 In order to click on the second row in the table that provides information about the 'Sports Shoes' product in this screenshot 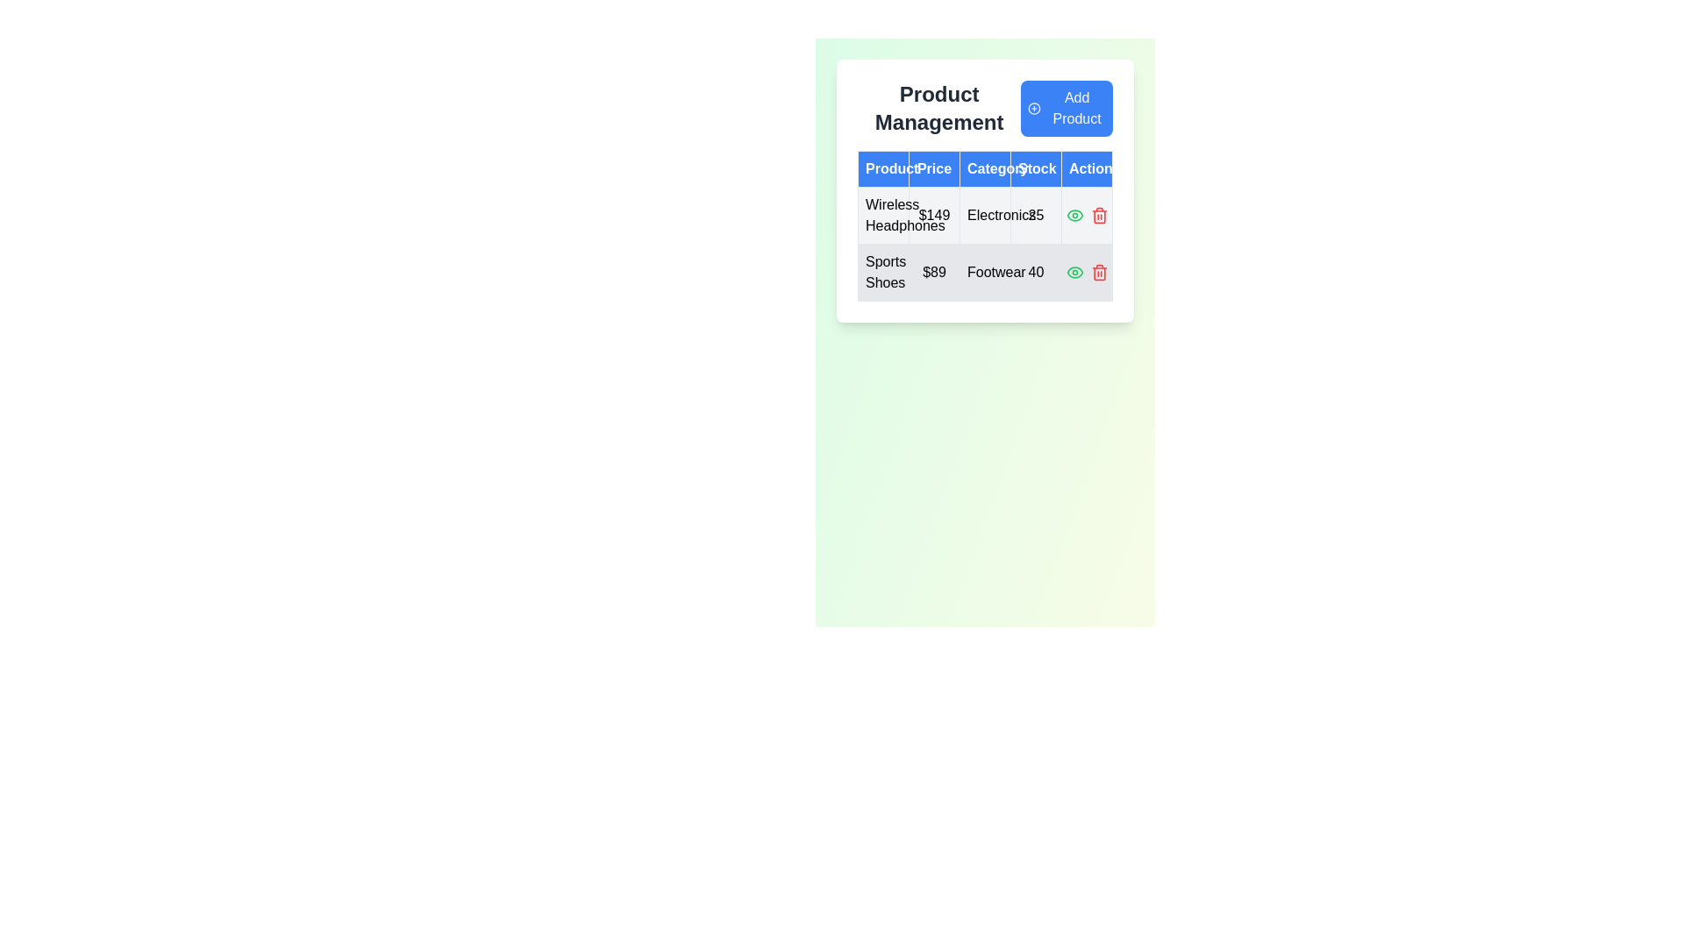, I will do `click(985, 273)`.